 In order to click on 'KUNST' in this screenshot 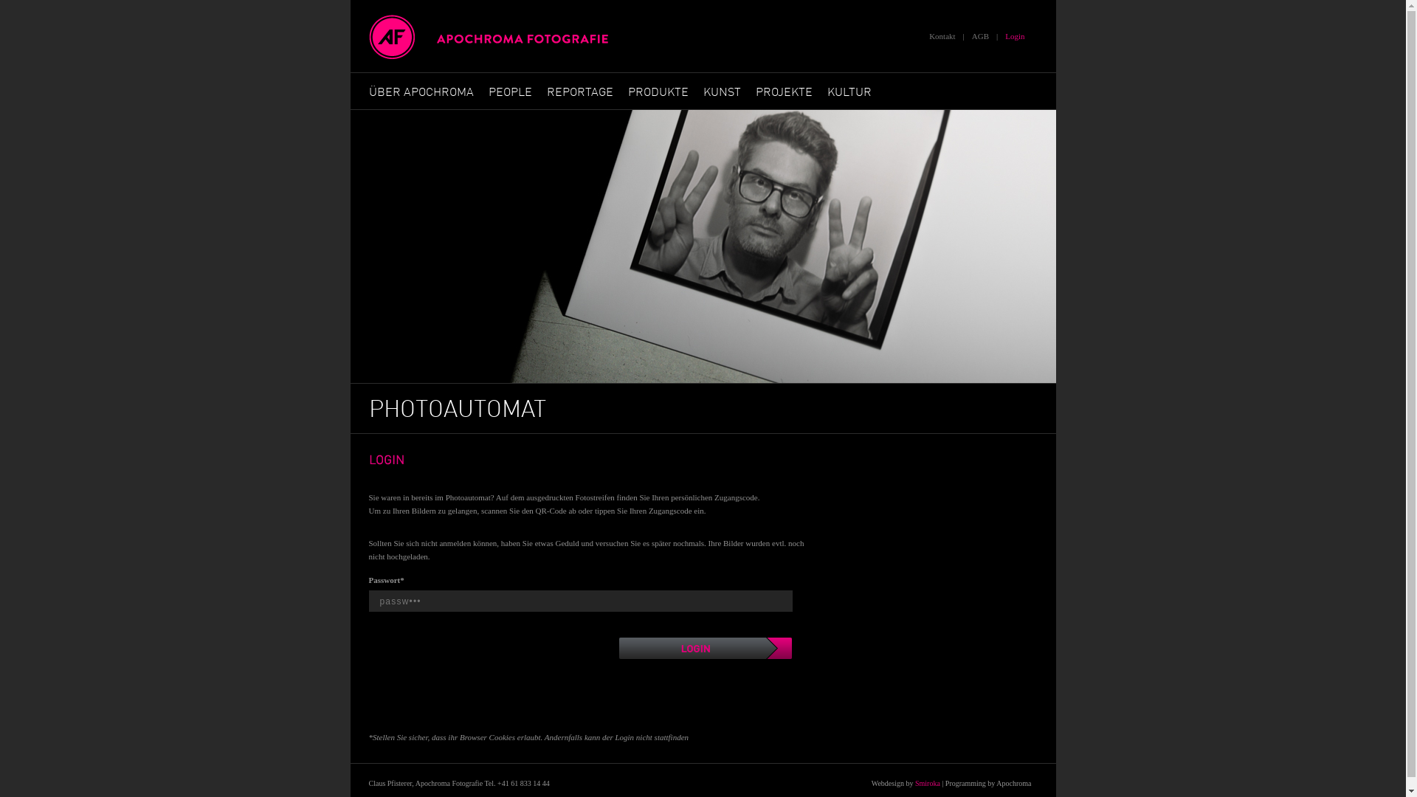, I will do `click(721, 93)`.